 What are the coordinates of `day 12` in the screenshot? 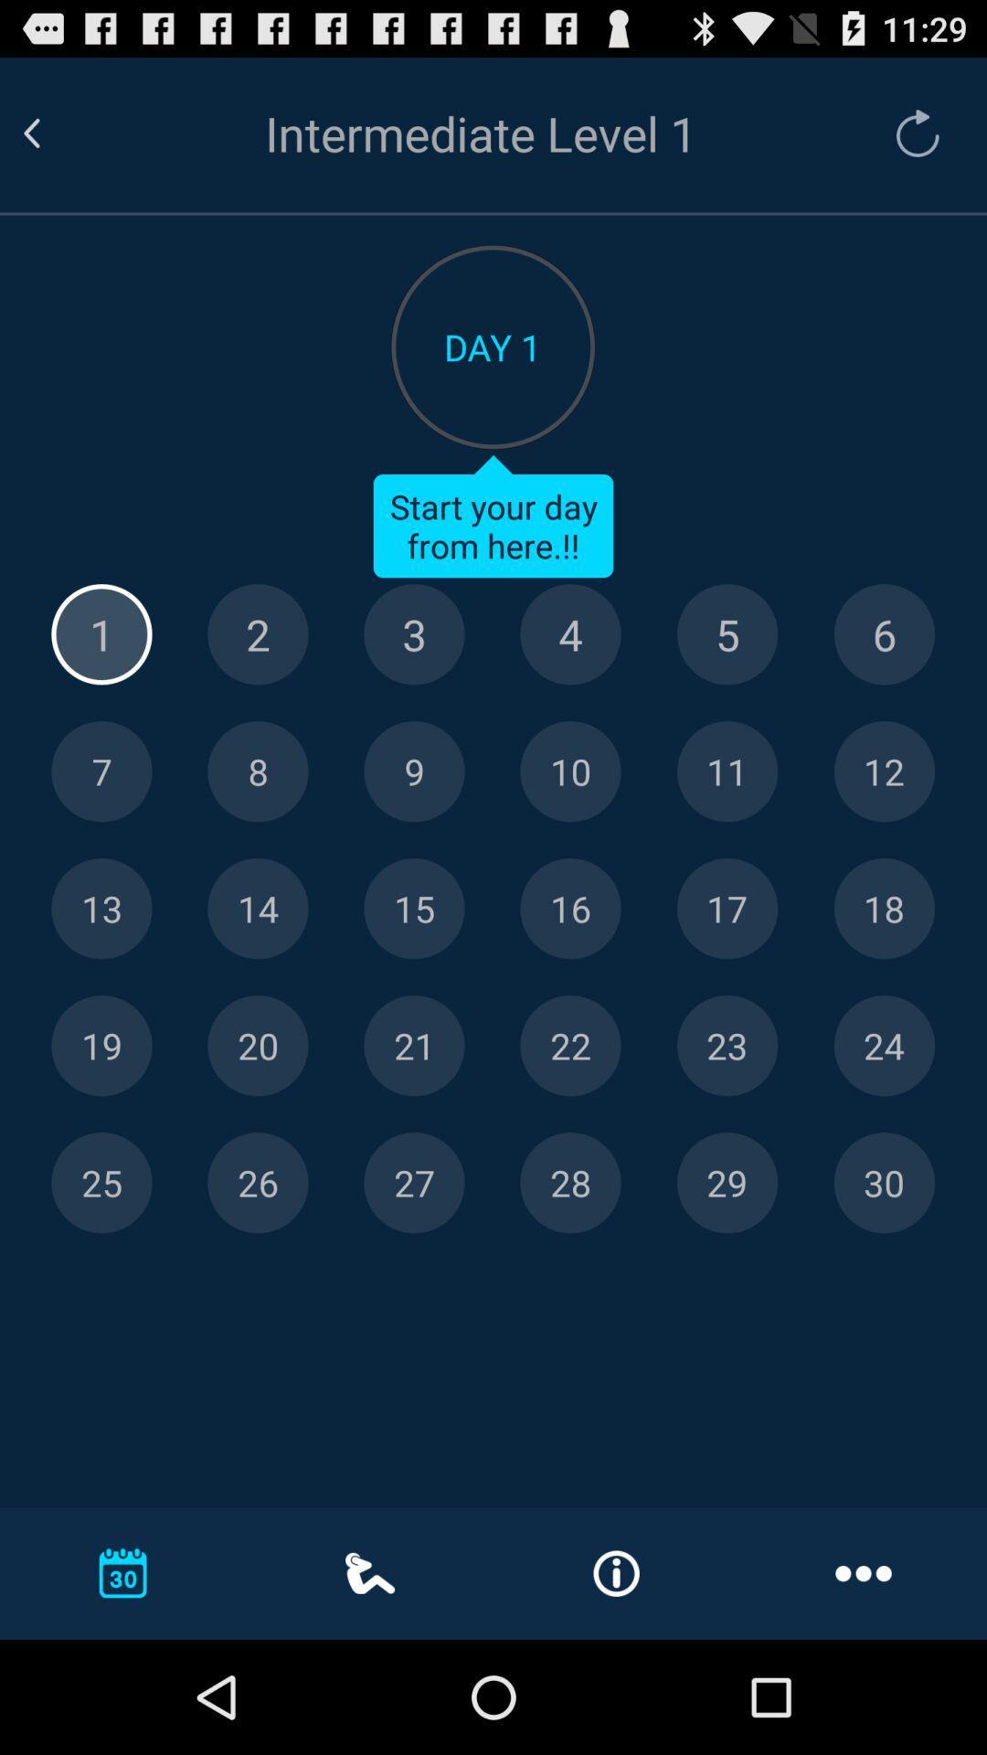 It's located at (883, 771).